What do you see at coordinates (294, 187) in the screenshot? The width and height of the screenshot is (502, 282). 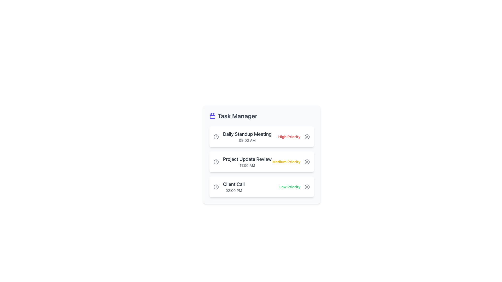 I see `the text label indicating the priority level of the third task in the 'Task Manager' list, labeled 'Client Call', located to the left of the circular clickable icon with an 'X'` at bounding box center [294, 187].